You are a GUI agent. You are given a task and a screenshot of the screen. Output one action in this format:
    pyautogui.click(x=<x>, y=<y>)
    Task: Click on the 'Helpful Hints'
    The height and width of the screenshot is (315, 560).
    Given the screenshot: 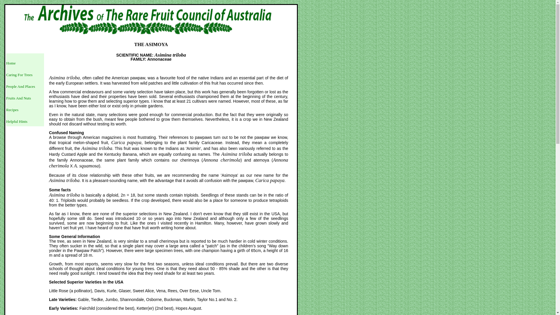 What is the action you would take?
    pyautogui.click(x=17, y=121)
    